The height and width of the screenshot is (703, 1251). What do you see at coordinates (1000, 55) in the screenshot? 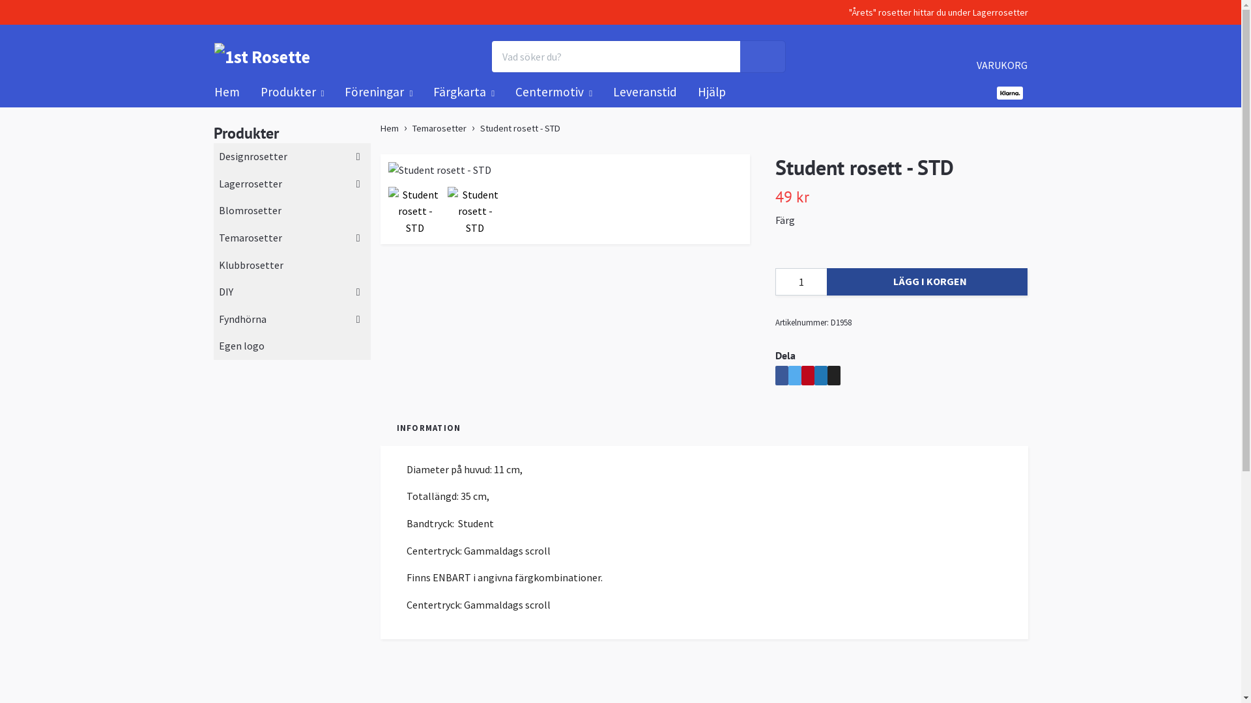
I see `'VARUKORG'` at bounding box center [1000, 55].